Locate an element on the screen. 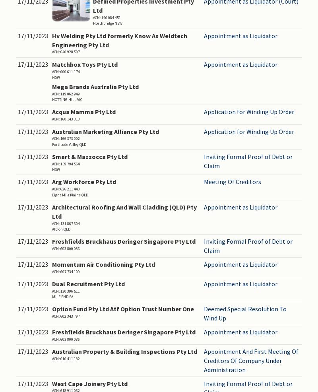 The width and height of the screenshot is (318, 392). 'Appointment And First Meeting Of Creditors Of Company Under Administration' is located at coordinates (251, 360).